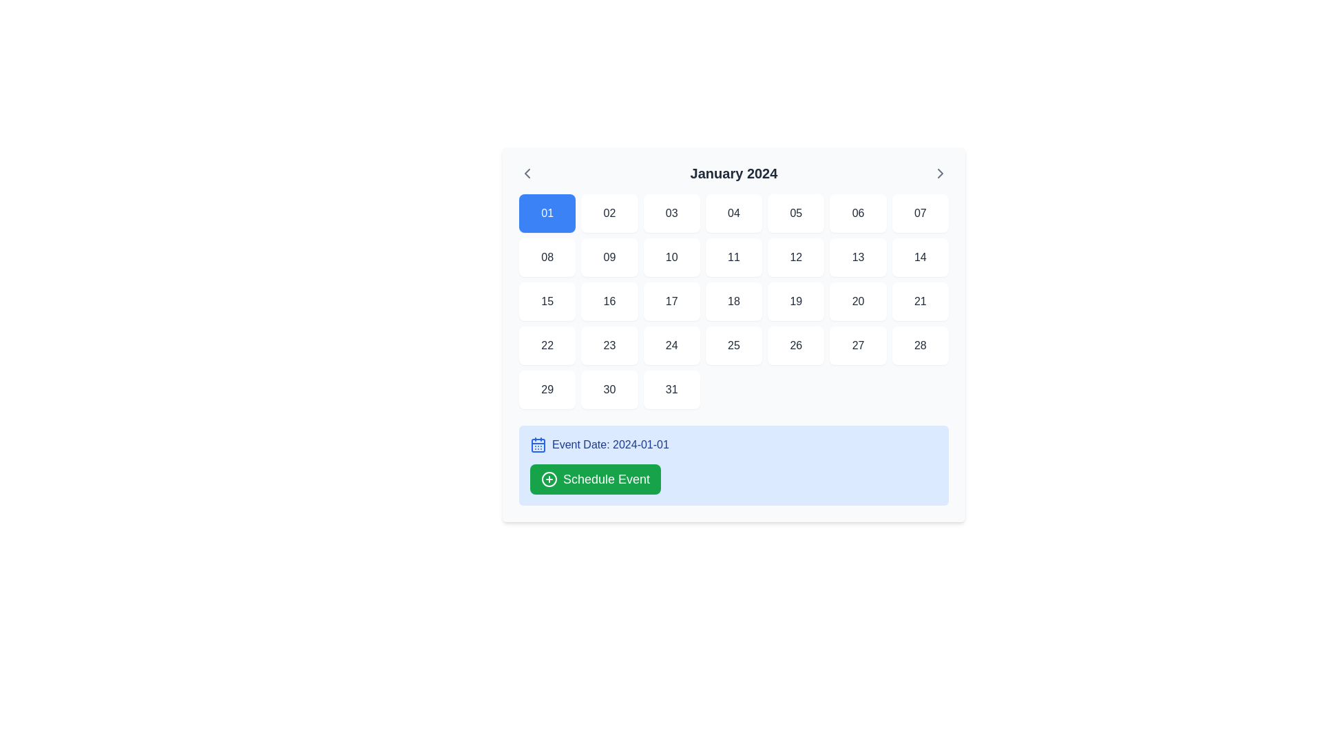  What do you see at coordinates (857, 344) in the screenshot?
I see `the rectangular button with rounded corners labeled '27'` at bounding box center [857, 344].